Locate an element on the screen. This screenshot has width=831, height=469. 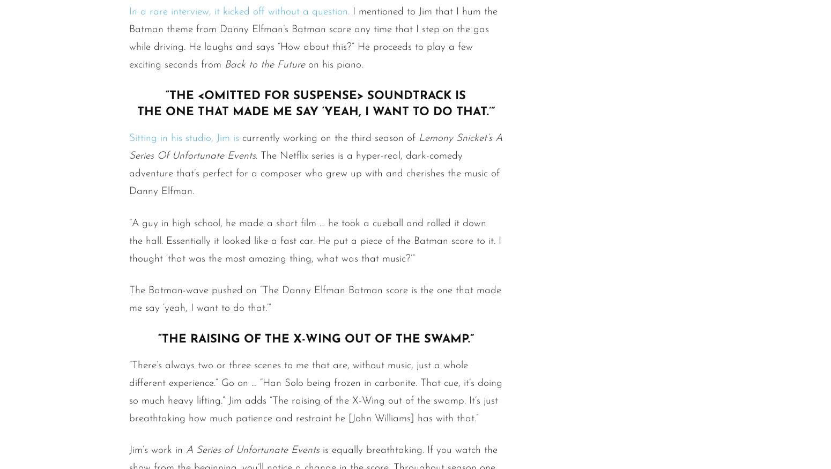
'the one that made me say ‘yeah, I want to do that.’”' is located at coordinates (136, 112).